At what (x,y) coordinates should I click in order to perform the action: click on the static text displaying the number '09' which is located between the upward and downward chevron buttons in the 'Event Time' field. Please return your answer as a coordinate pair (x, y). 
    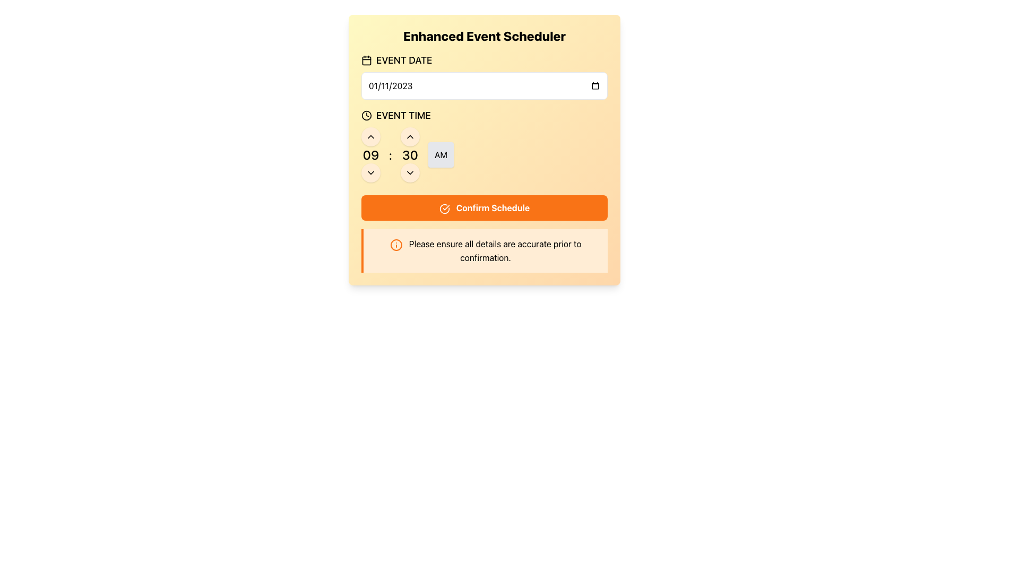
    Looking at the image, I should click on (371, 155).